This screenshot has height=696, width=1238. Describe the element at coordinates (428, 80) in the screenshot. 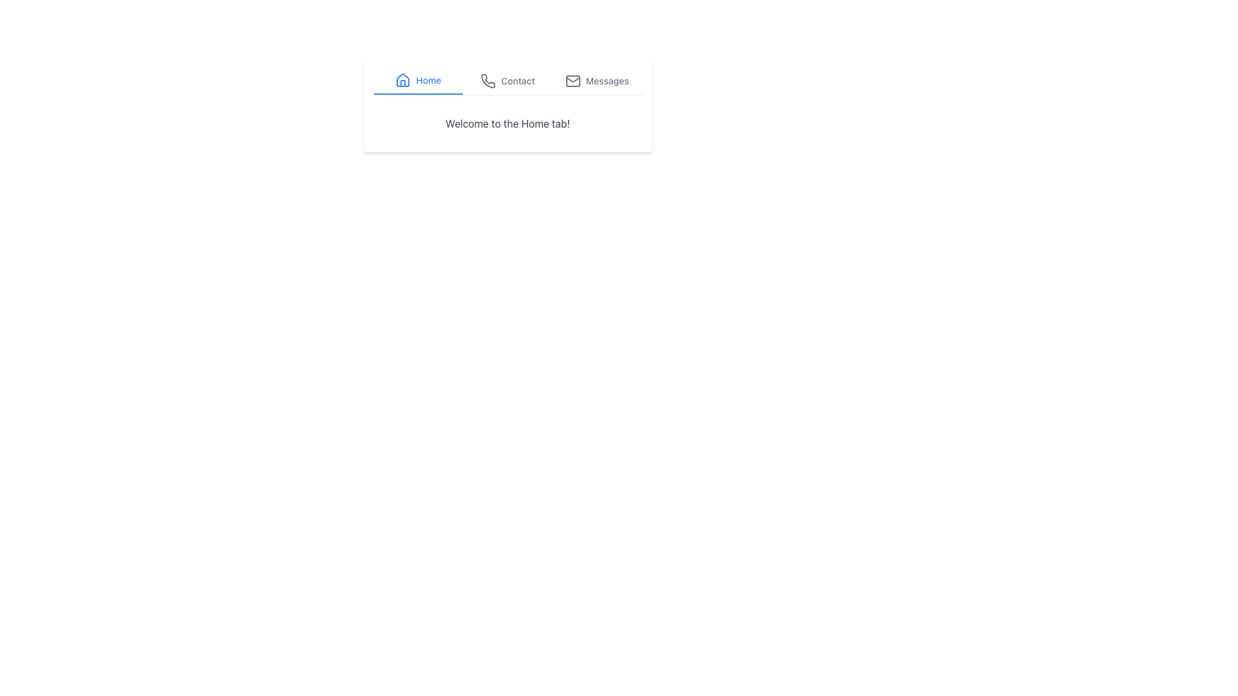

I see `the 'Home' text element in the navigation bar` at that location.